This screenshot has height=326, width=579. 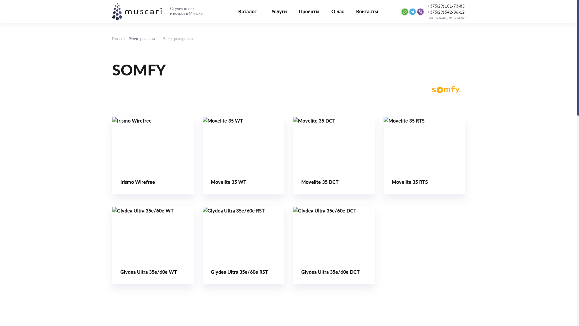 I want to click on 'Glydea Ultra 35e/60e WT', so click(x=153, y=245).